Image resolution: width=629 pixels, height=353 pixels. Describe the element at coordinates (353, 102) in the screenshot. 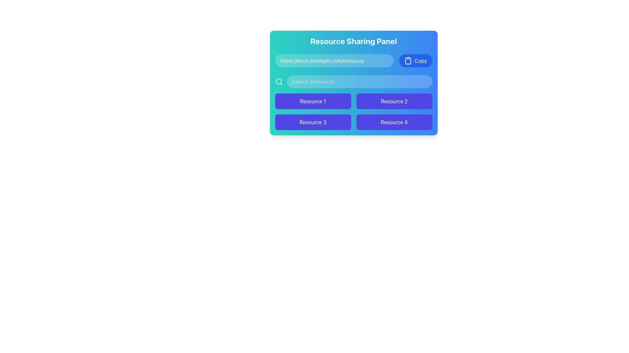

I see `the Interactive button grid located in the lower section of the 'Resource Sharing Panel' card` at that location.